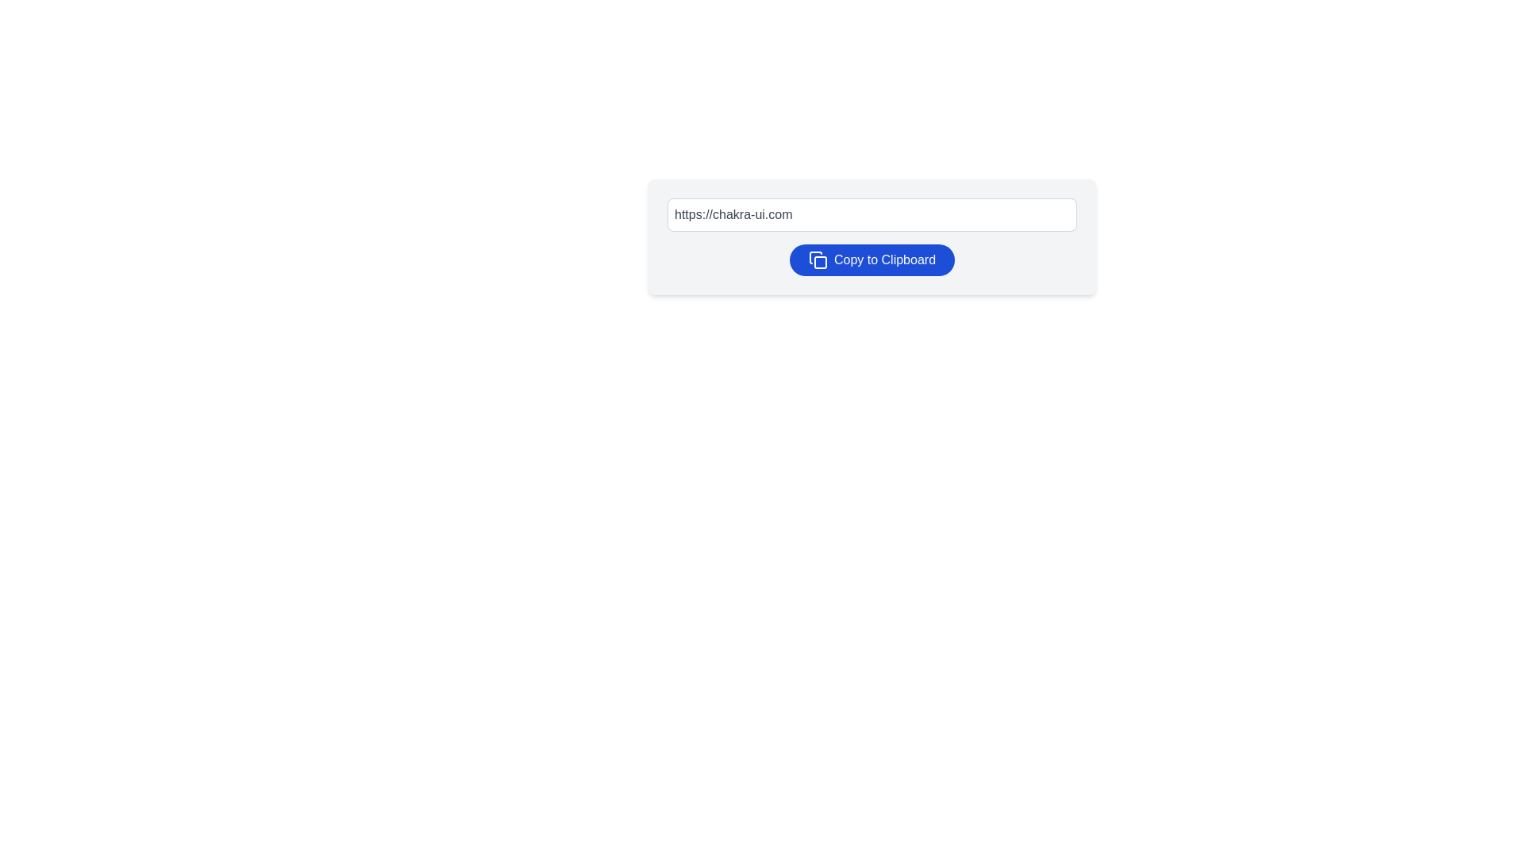 Image resolution: width=1524 pixels, height=857 pixels. Describe the element at coordinates (872, 259) in the screenshot. I see `the copy button located beneath the text input field, which triggers a visual effect` at that location.